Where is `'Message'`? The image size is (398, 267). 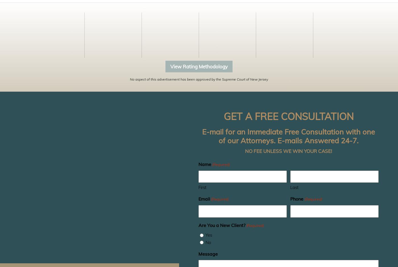 'Message' is located at coordinates (208, 254).